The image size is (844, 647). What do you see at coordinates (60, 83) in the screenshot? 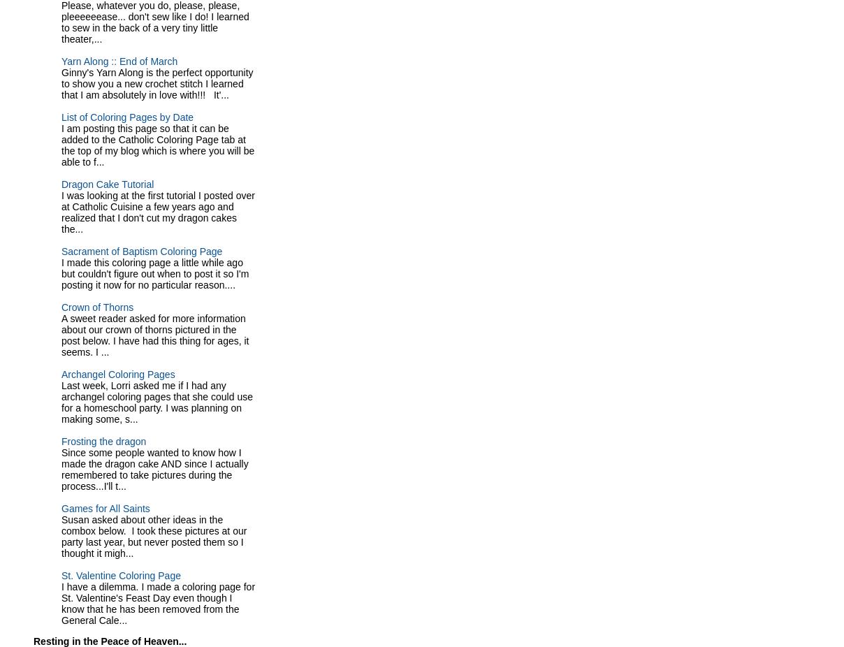
I see `'Ginny's Yarn Along  is the perfect opportunity to show you a new crochet stitch I learned that I am absolutely in love with!!!   It'...'` at bounding box center [60, 83].